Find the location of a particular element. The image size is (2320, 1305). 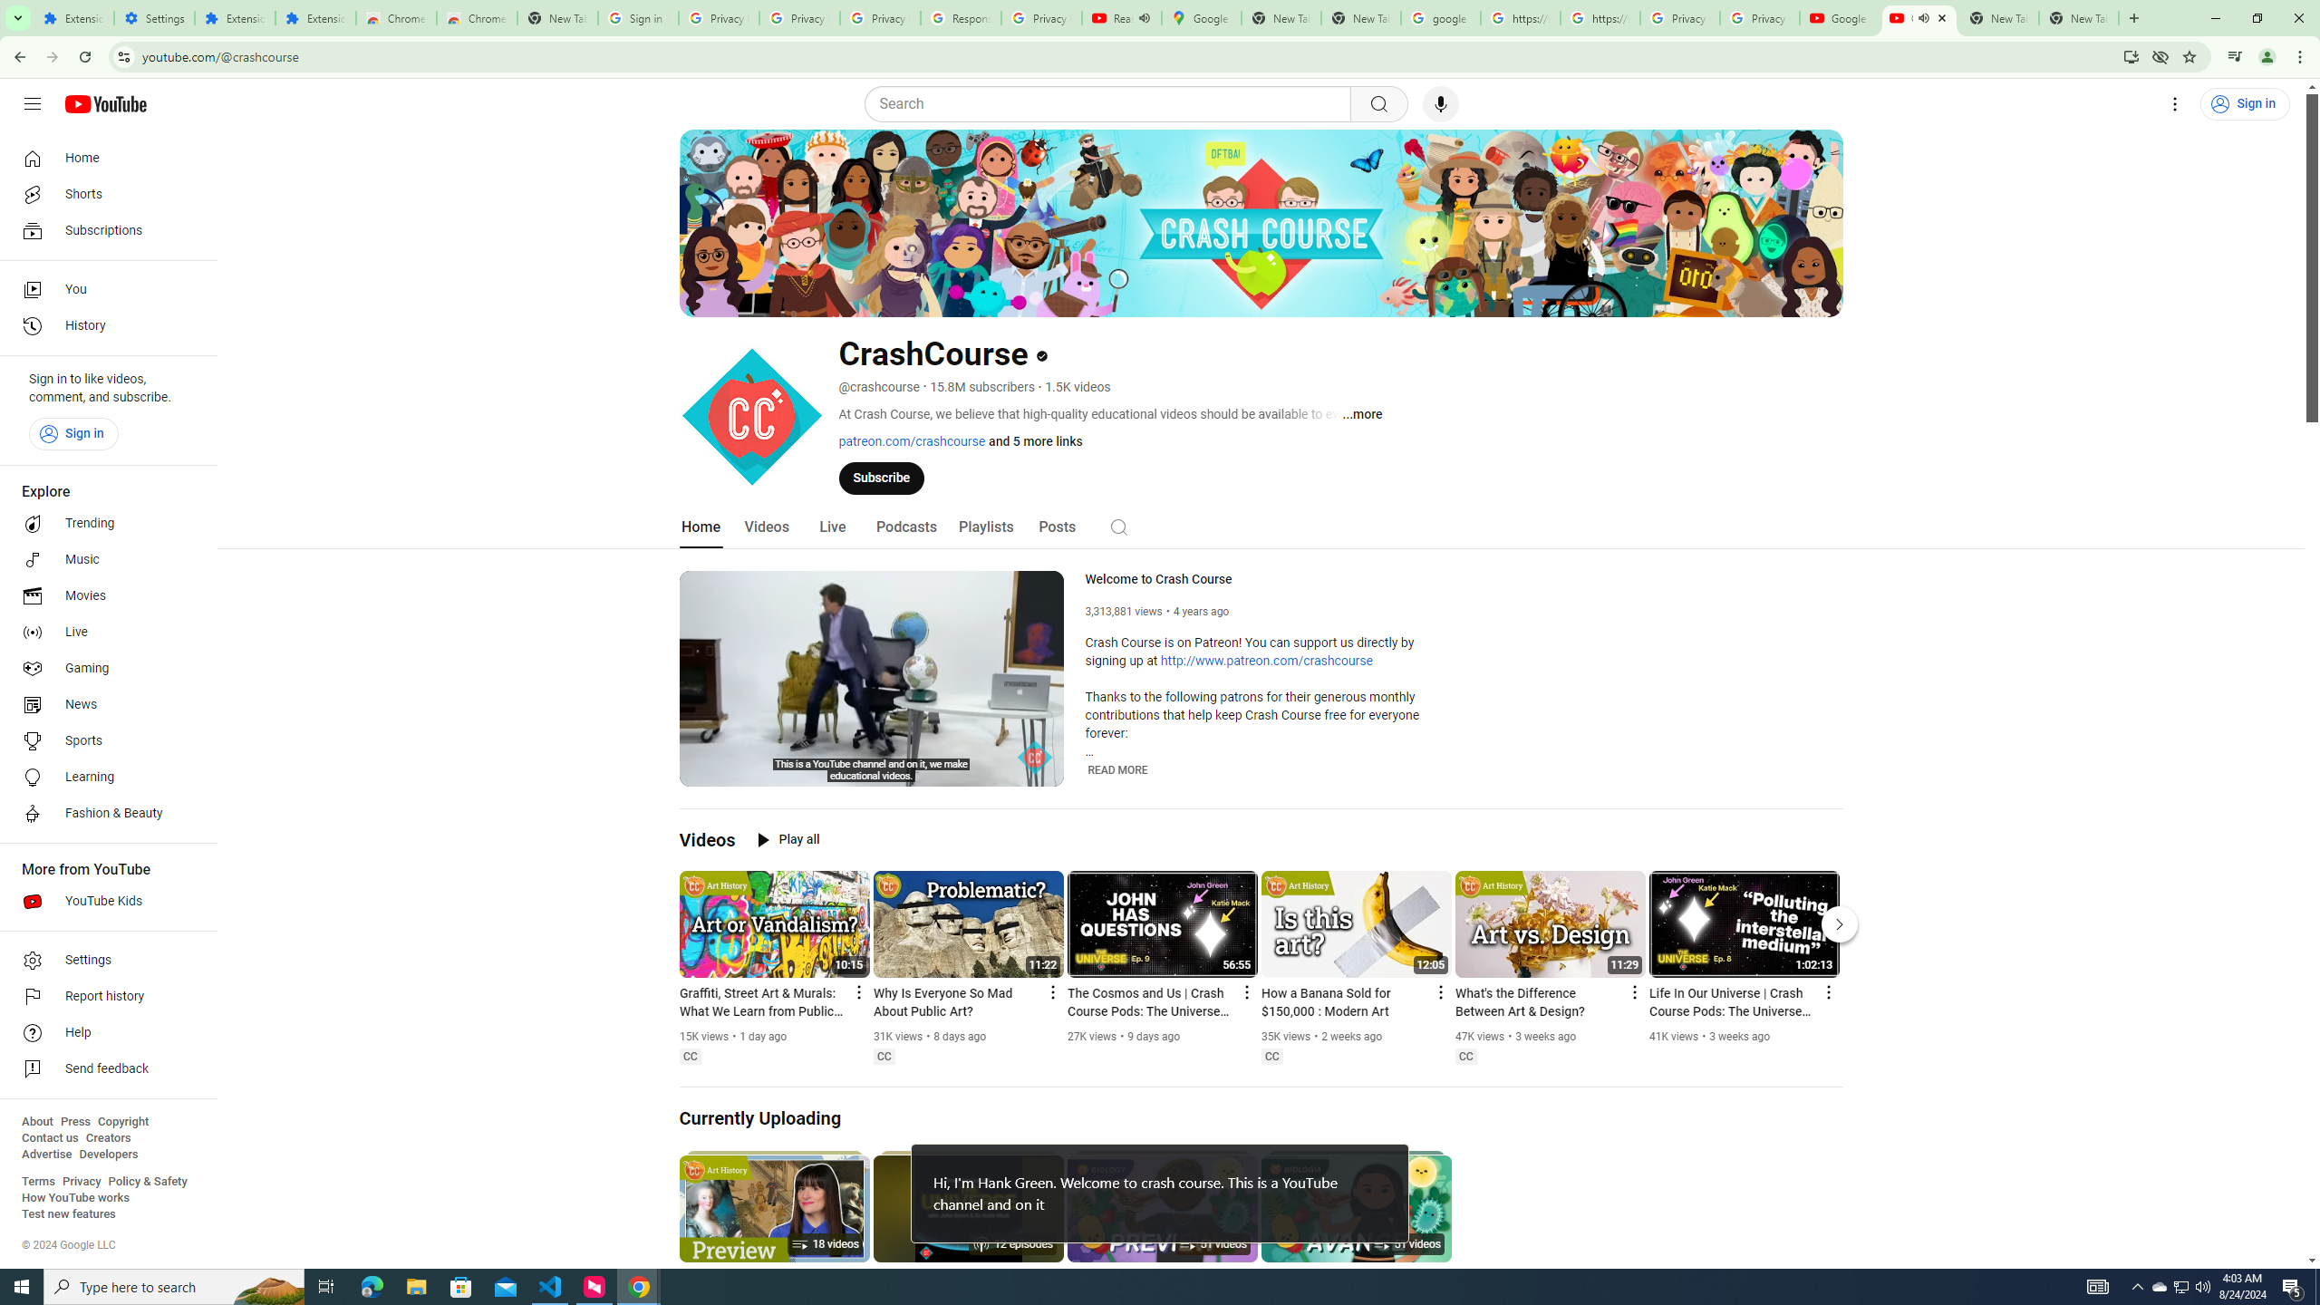

'http://www.patreon.com/crashcourse' is located at coordinates (1266, 661).